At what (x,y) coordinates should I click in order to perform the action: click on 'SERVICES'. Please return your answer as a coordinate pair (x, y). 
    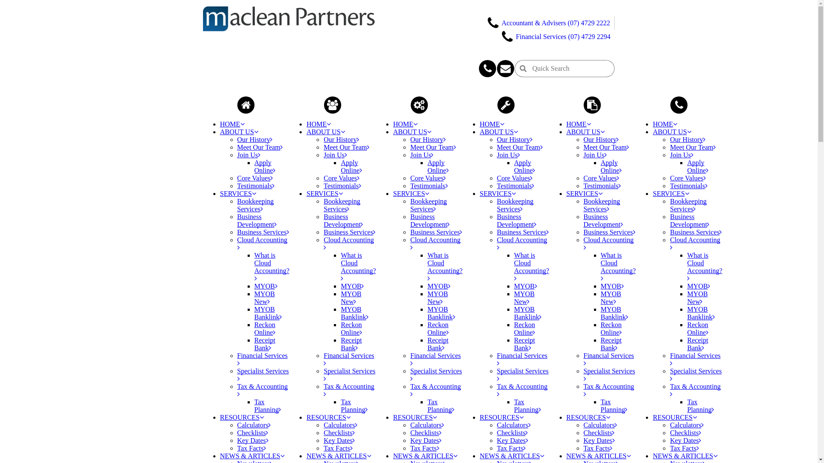
    Looking at the image, I should click on (498, 193).